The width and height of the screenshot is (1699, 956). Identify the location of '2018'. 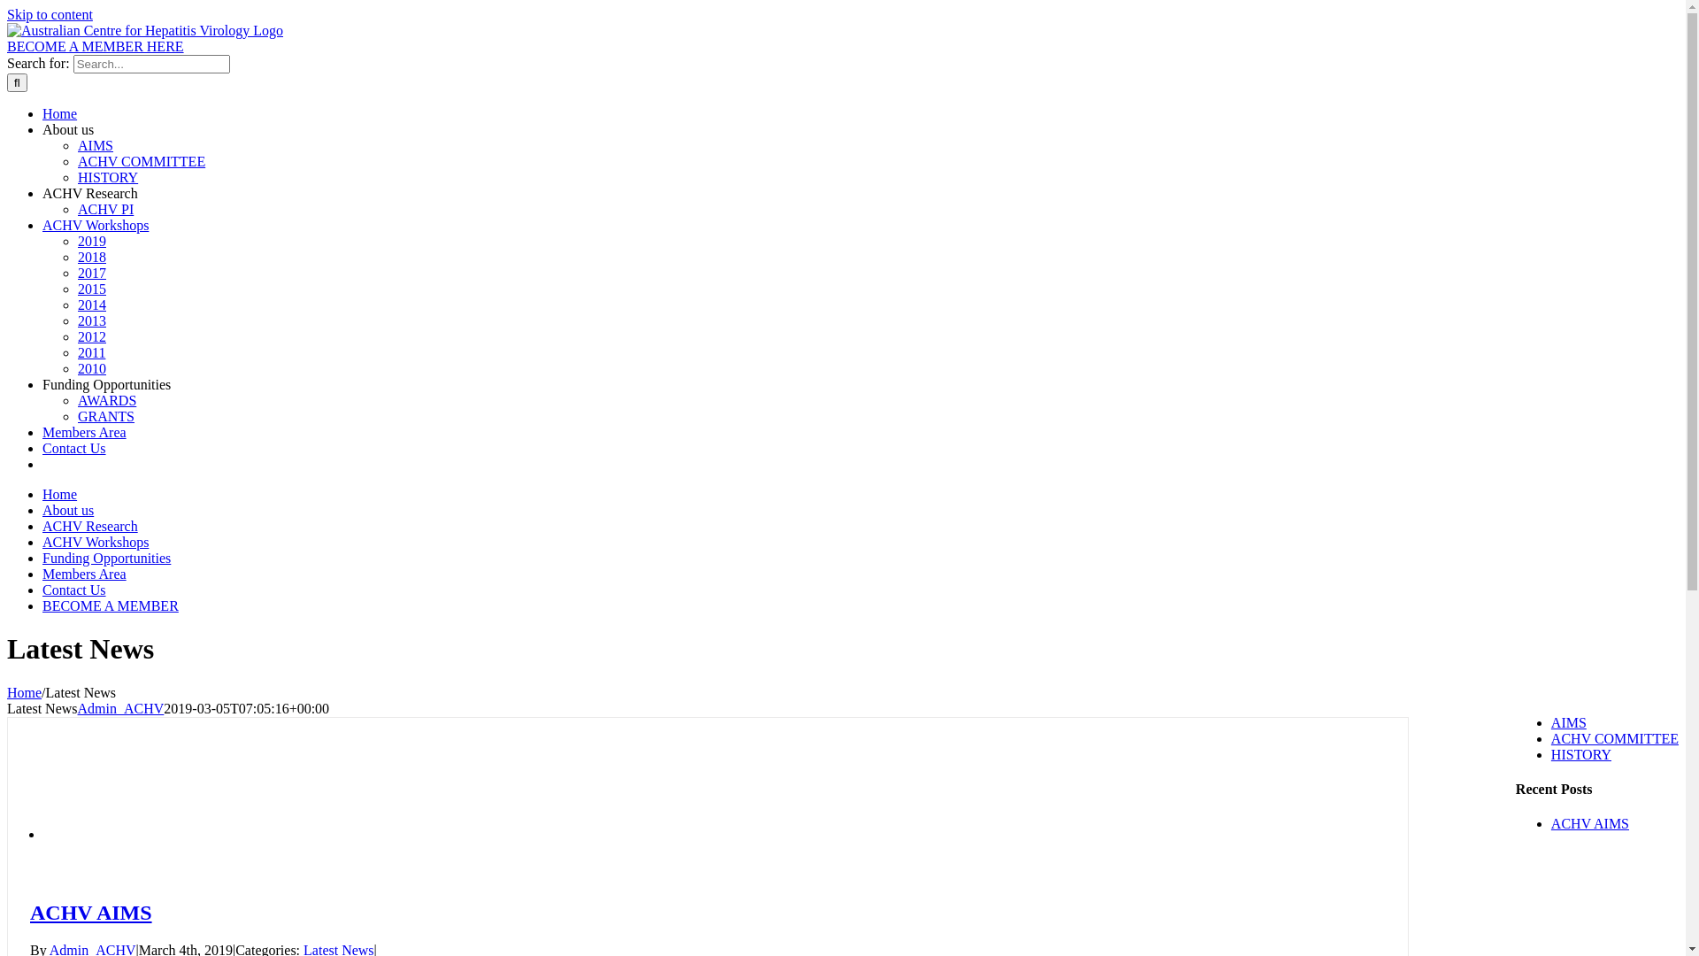
(76, 257).